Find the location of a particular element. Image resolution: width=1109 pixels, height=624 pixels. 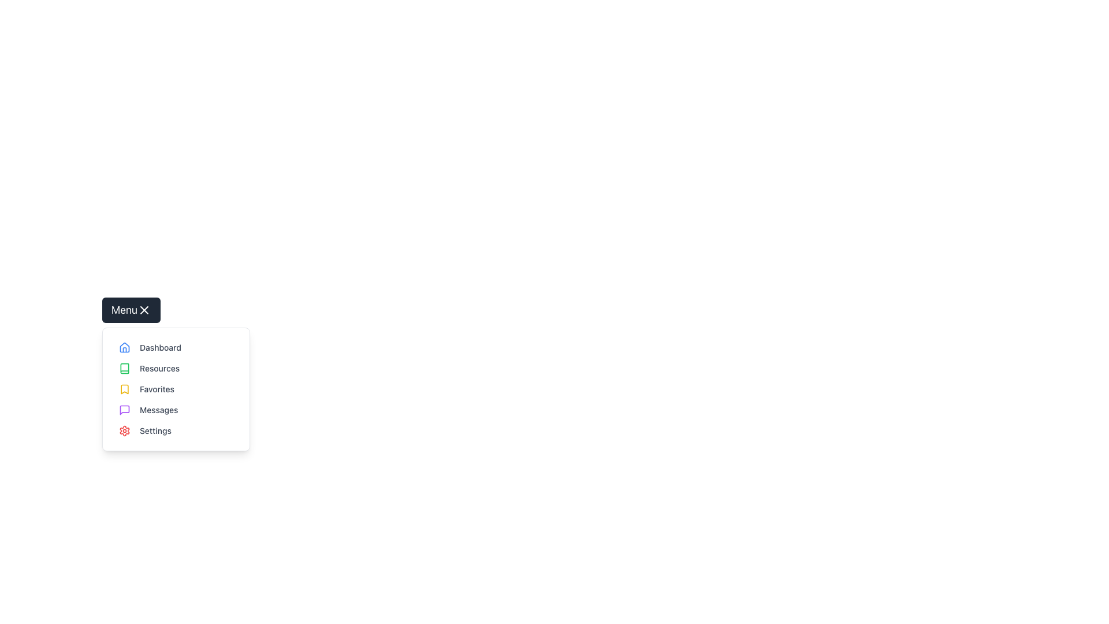

the green-colored outlined book icon located in the second row of the dropdown menu, adjacent to the text 'Resources' is located at coordinates (125, 368).